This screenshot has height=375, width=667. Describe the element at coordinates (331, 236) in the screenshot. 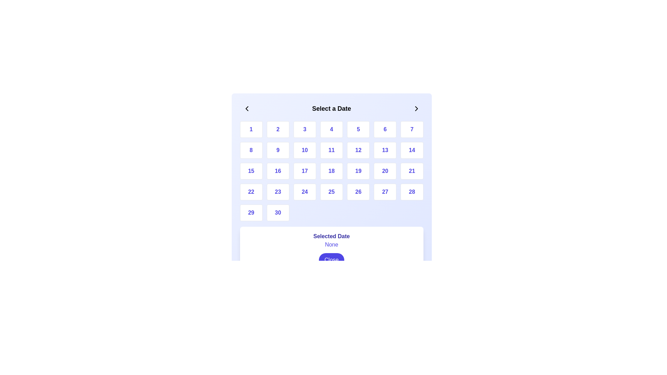

I see `the 'Selected Date' static text label, which is bold and indigo-colored, positioned at the top of a white background card above other elements` at that location.